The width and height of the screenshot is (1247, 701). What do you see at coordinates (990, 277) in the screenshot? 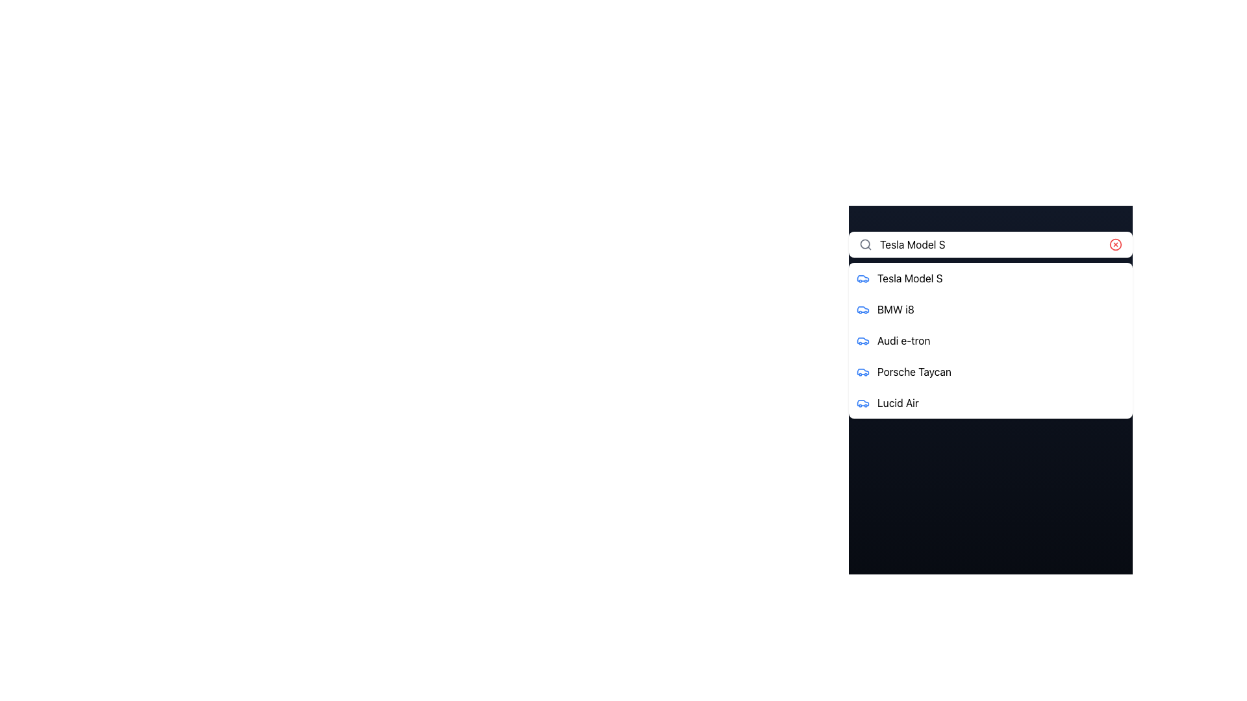
I see `the 'Tesla Model S' option in the dropdown menu` at bounding box center [990, 277].